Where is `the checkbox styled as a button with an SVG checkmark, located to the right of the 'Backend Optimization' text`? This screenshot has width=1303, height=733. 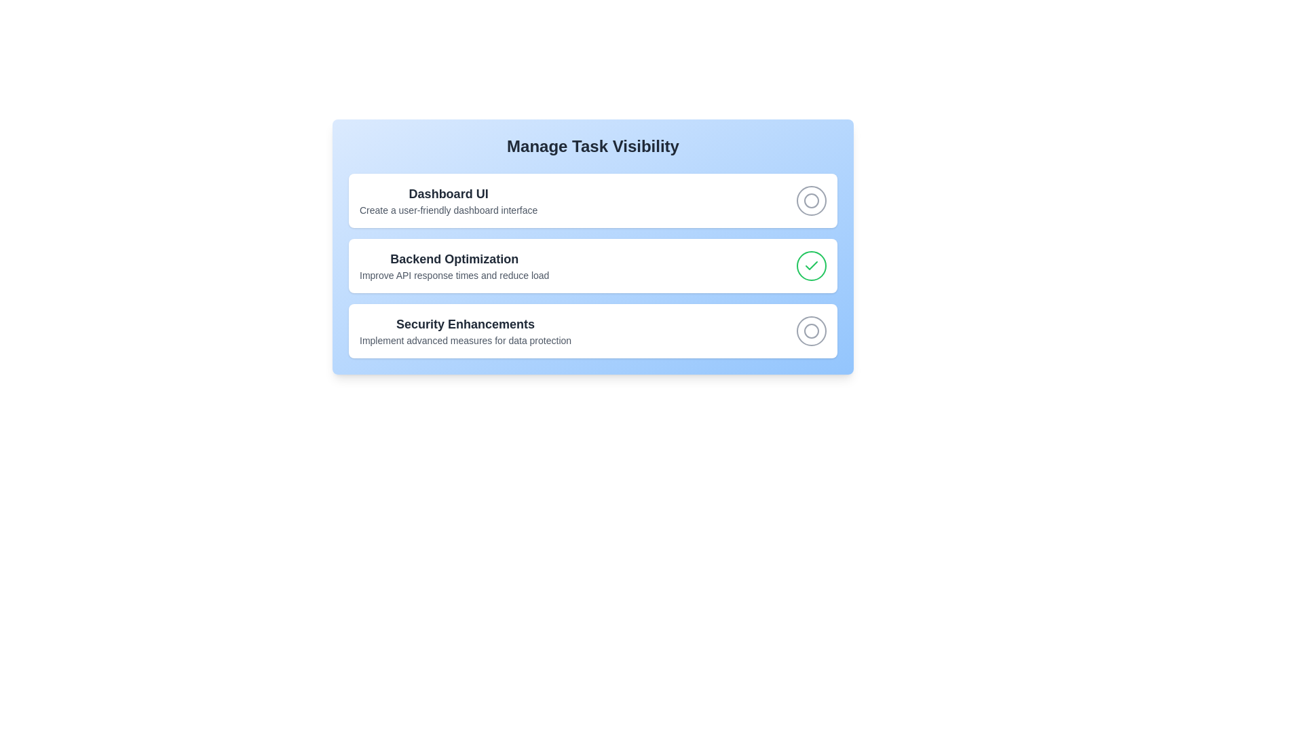
the checkbox styled as a button with an SVG checkmark, located to the right of the 'Backend Optimization' text is located at coordinates (811, 265).